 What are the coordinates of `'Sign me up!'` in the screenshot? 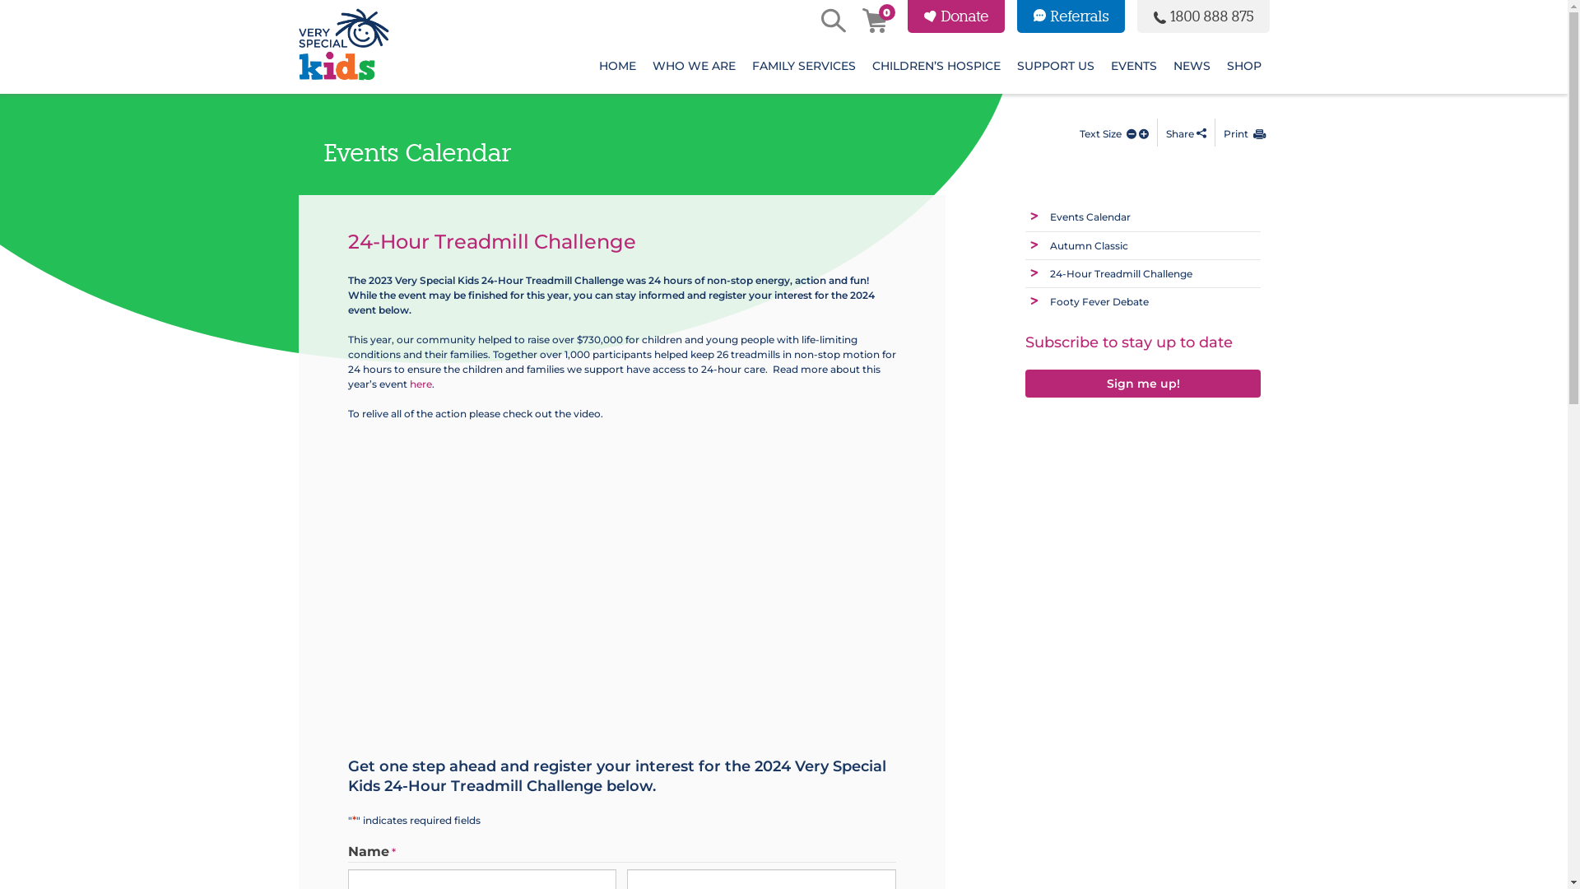 It's located at (1142, 382).